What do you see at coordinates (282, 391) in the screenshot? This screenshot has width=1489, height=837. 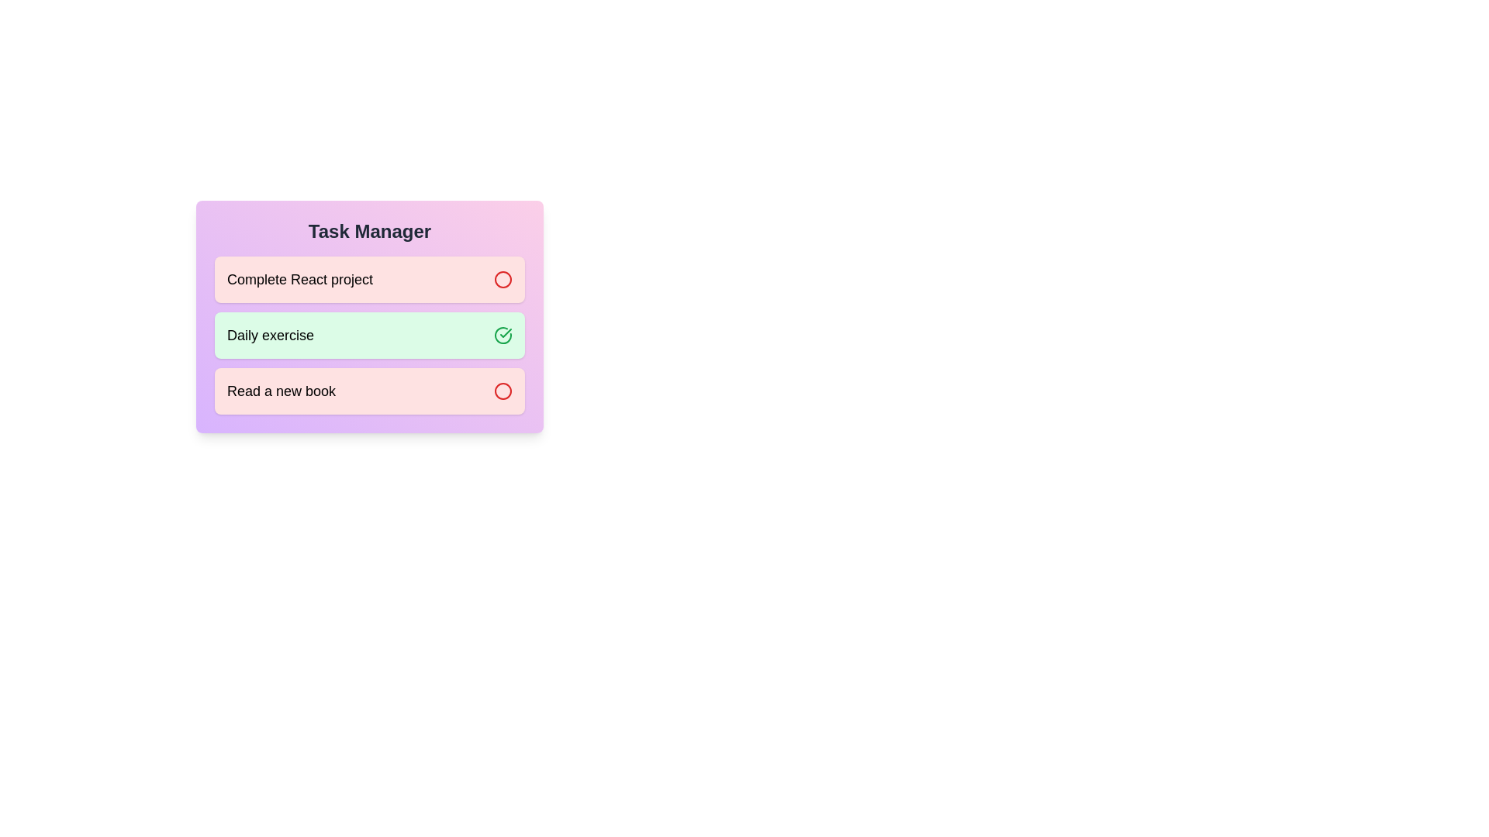 I see `the task label text for the task Read a new book` at bounding box center [282, 391].